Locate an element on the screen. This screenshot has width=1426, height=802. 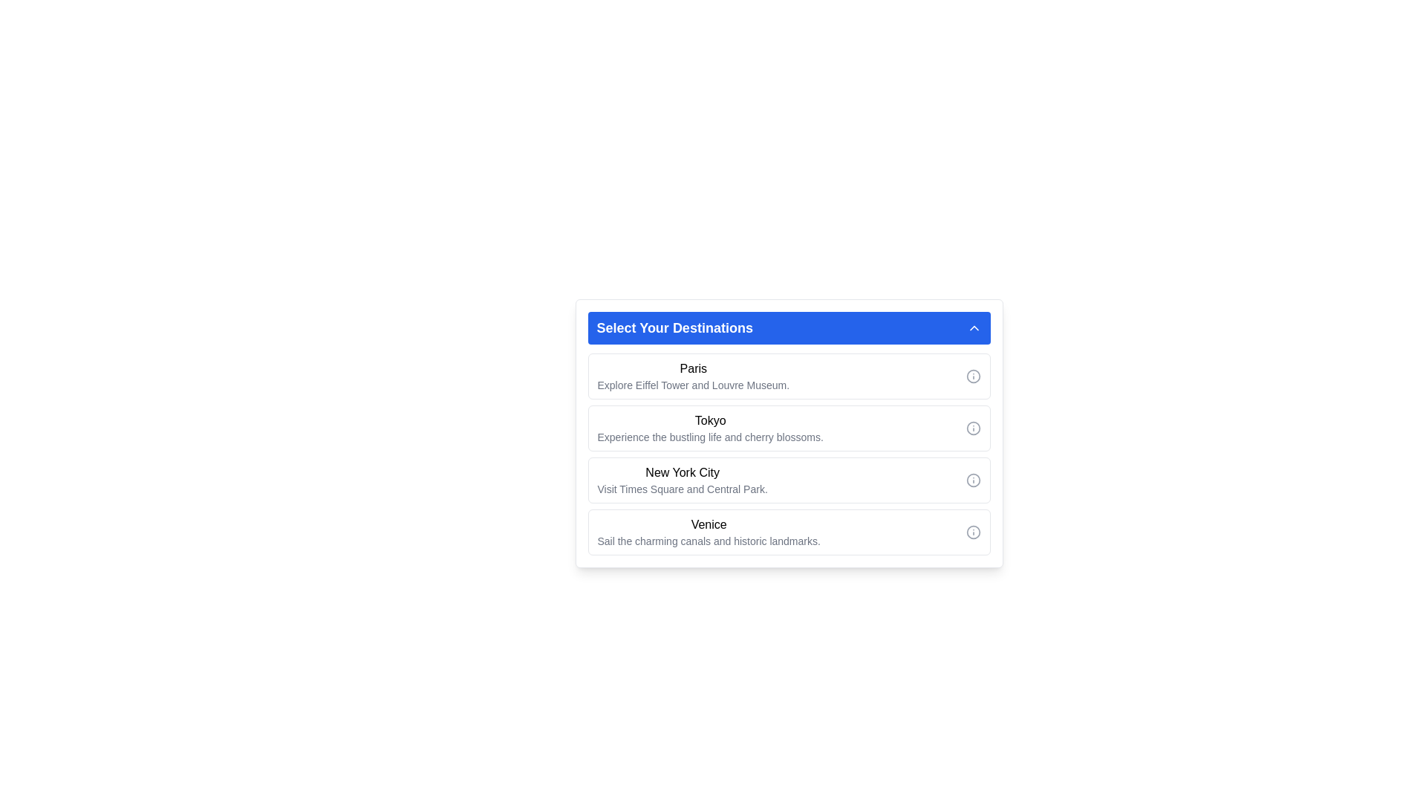
descriptive text element located directly below the title 'Paris' in the travel destination listing is located at coordinates (692, 385).